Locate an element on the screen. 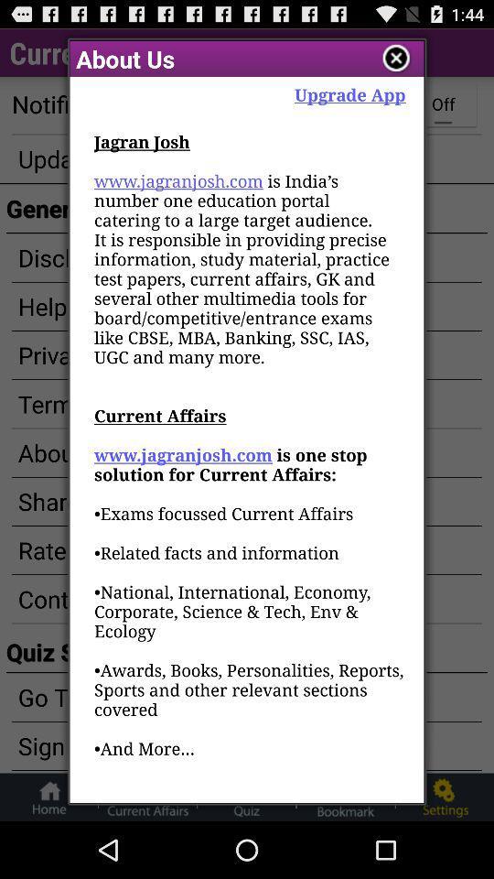 The height and width of the screenshot is (879, 494). the app above the jagran josh www item is located at coordinates (349, 94).